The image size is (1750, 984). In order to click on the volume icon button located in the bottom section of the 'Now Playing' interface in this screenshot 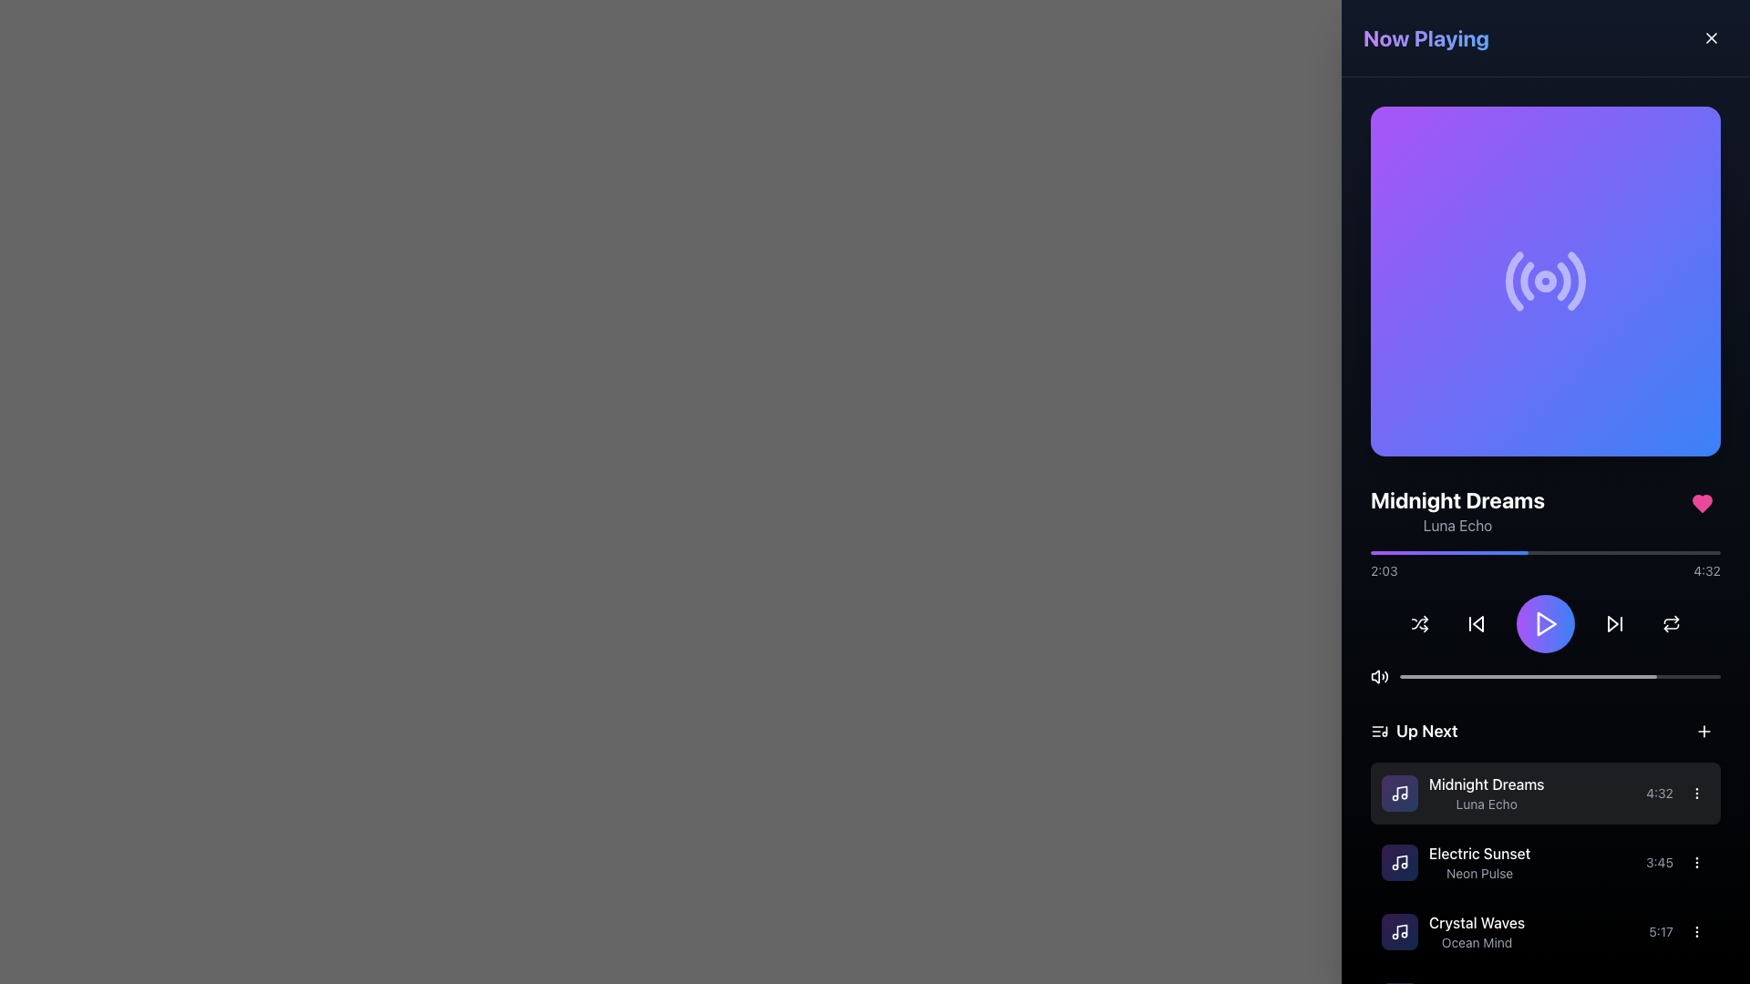, I will do `click(1379, 677)`.